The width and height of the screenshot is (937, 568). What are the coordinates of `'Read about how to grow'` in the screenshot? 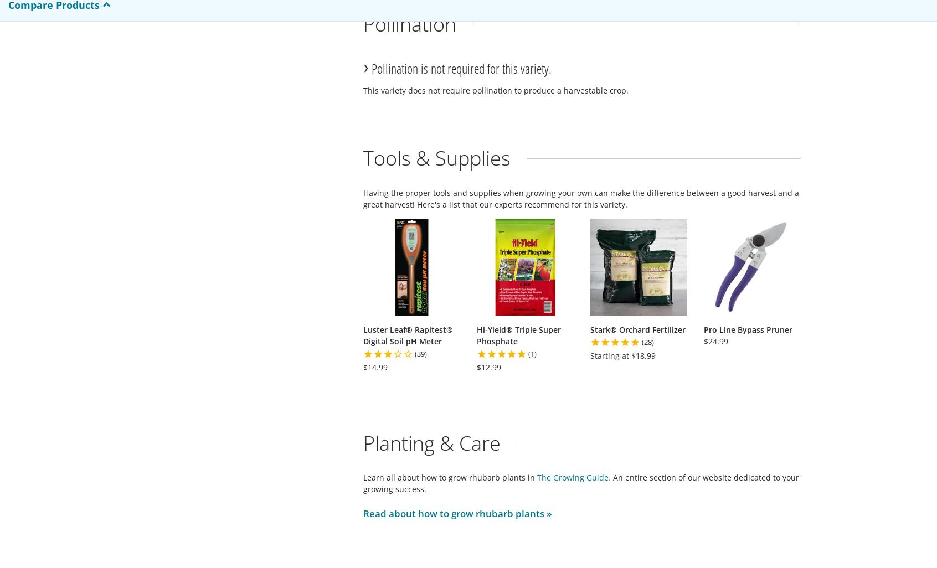 It's located at (419, 513).